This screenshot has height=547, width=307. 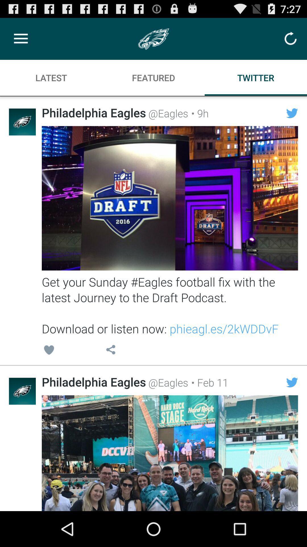 What do you see at coordinates (169, 198) in the screenshot?
I see `open link` at bounding box center [169, 198].